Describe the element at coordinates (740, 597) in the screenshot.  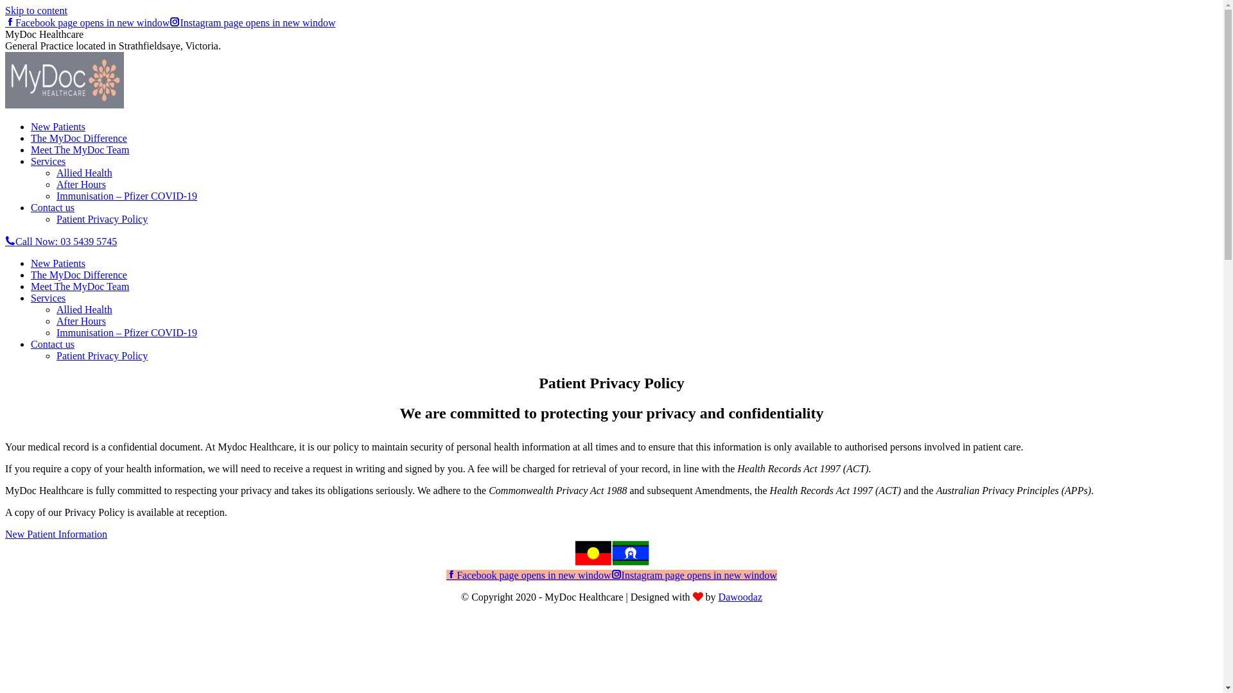
I see `'Dawoodaz'` at that location.